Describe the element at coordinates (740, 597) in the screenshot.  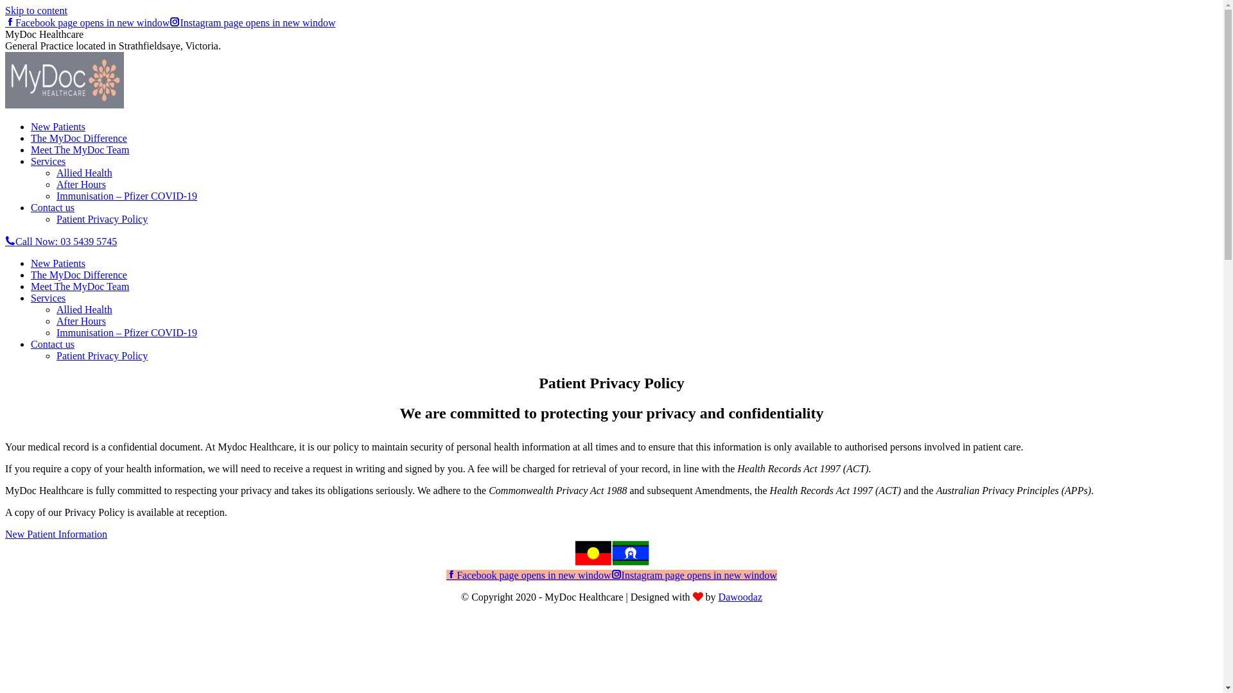
I see `'Dawoodaz'` at that location.